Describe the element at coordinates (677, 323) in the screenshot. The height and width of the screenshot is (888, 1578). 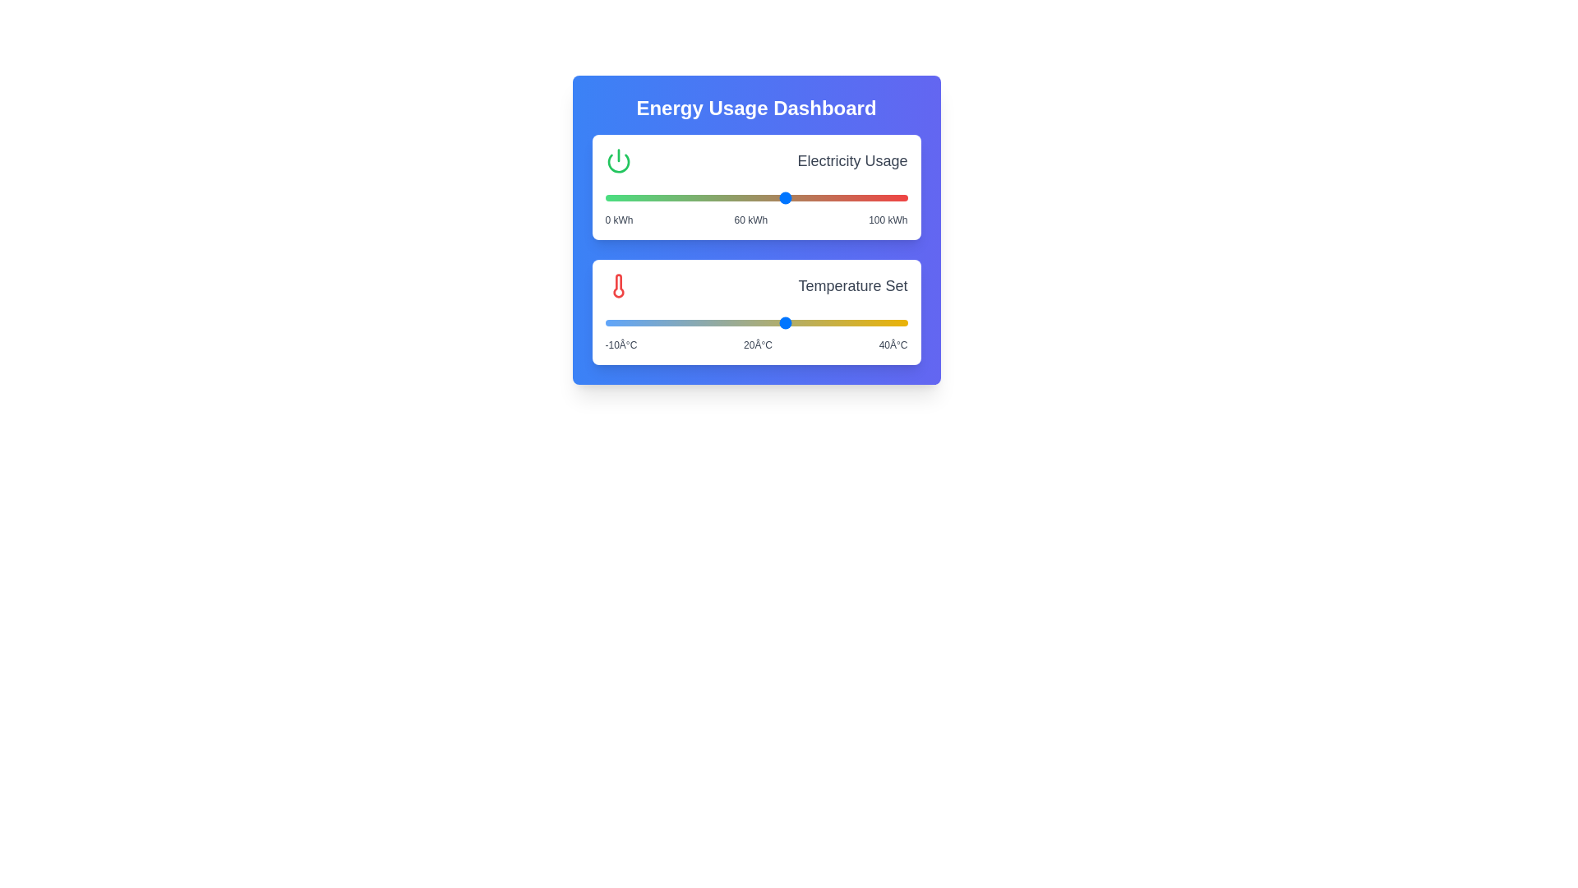
I see `the temperature slider to 2°C` at that location.